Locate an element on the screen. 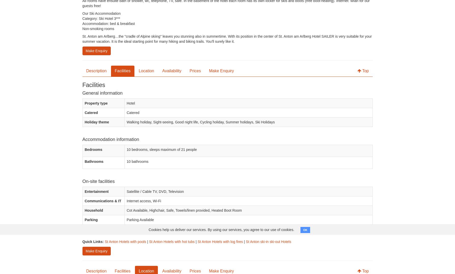 This screenshot has width=455, height=274. 'Hotel' is located at coordinates (131, 103).